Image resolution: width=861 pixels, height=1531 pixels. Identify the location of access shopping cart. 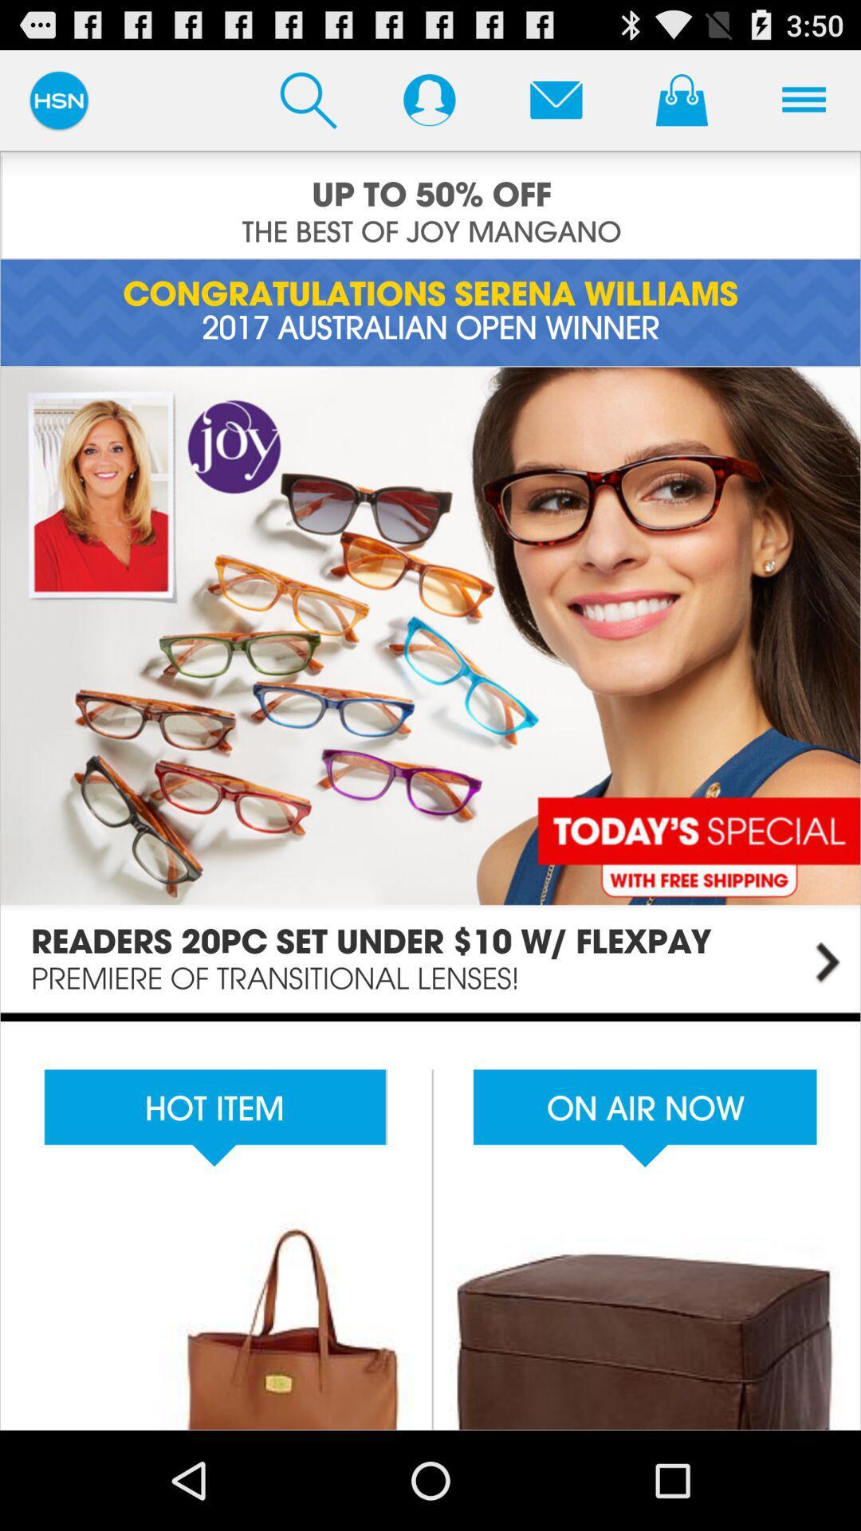
(682, 99).